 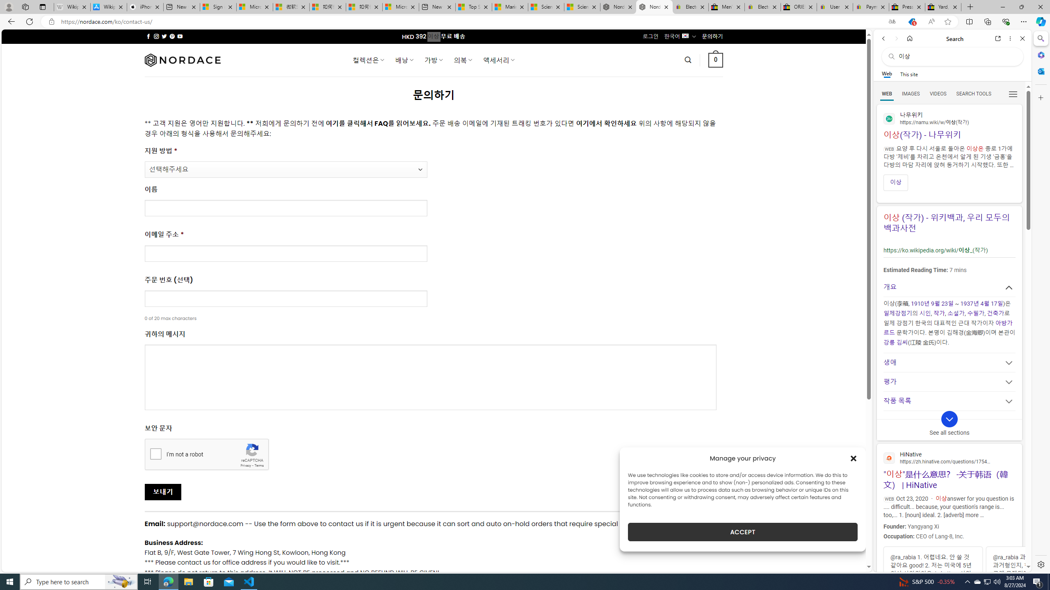 I want to click on 'Microsoft Services Agreement', so click(x=254, y=7).